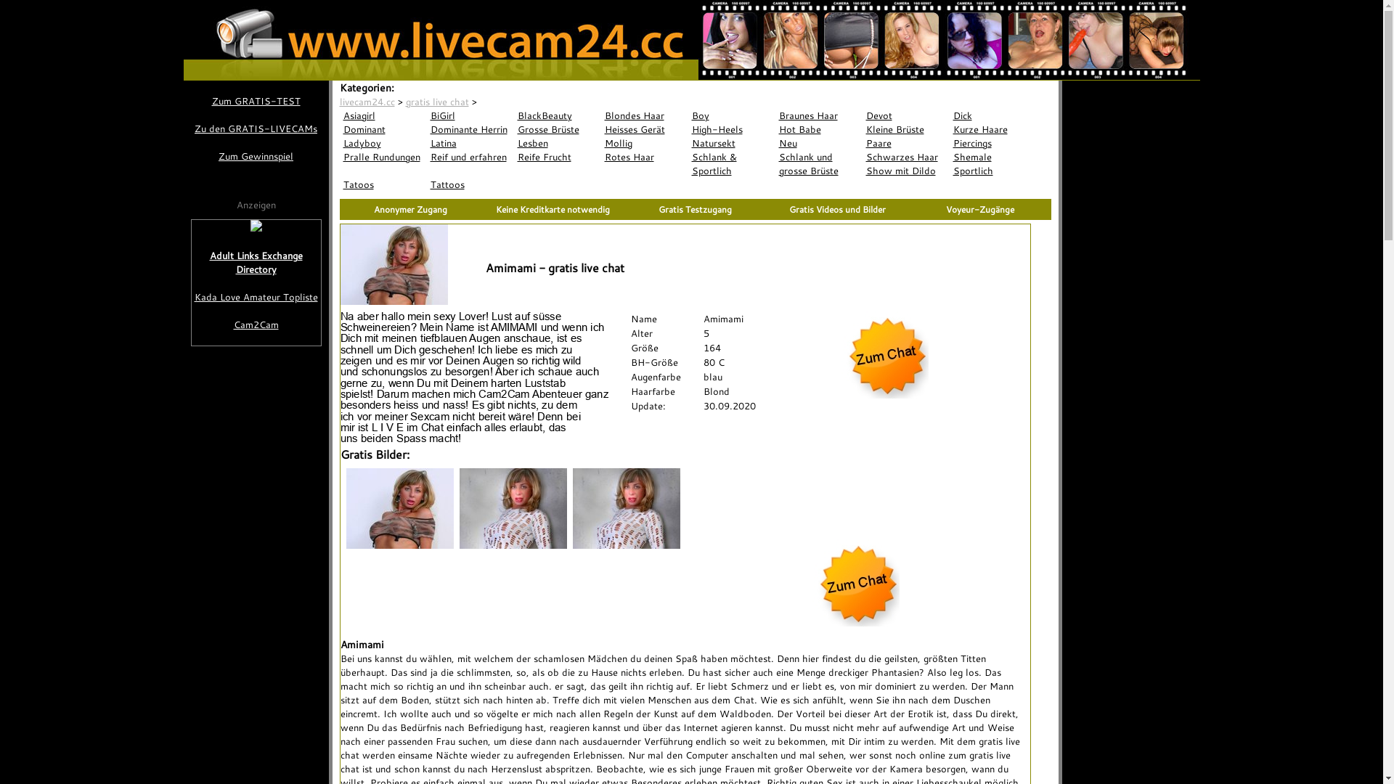 The width and height of the screenshot is (1394, 784). I want to click on 'Tatoos', so click(383, 184).